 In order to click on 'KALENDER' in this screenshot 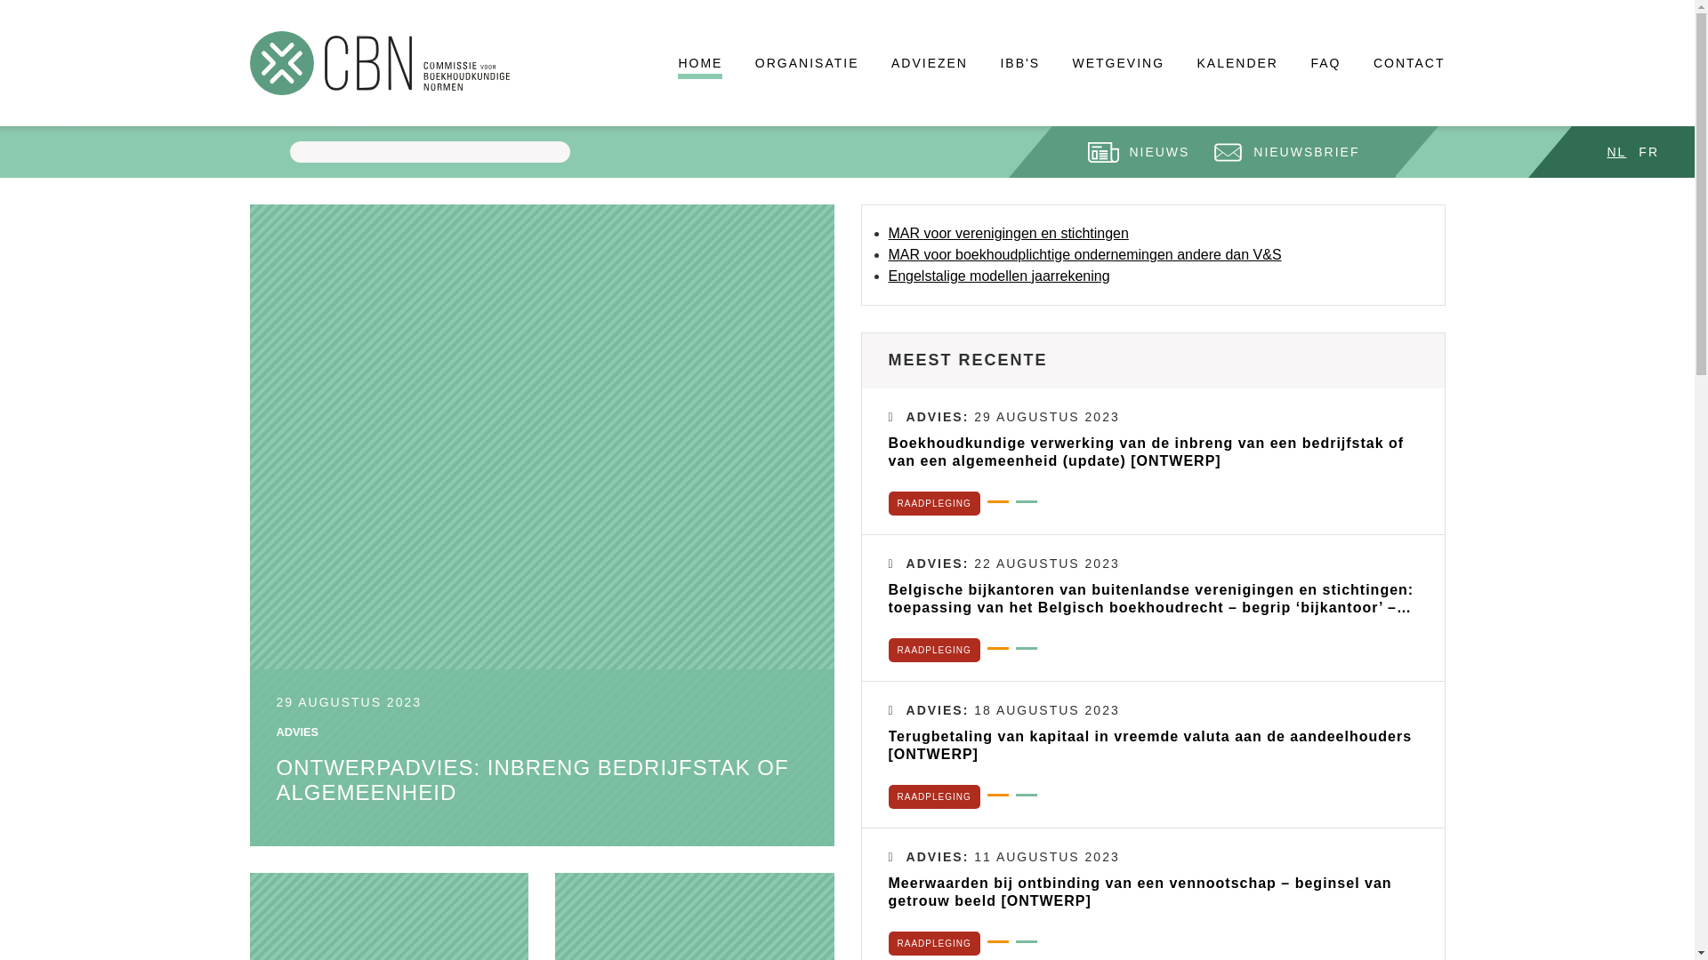, I will do `click(1236, 64)`.